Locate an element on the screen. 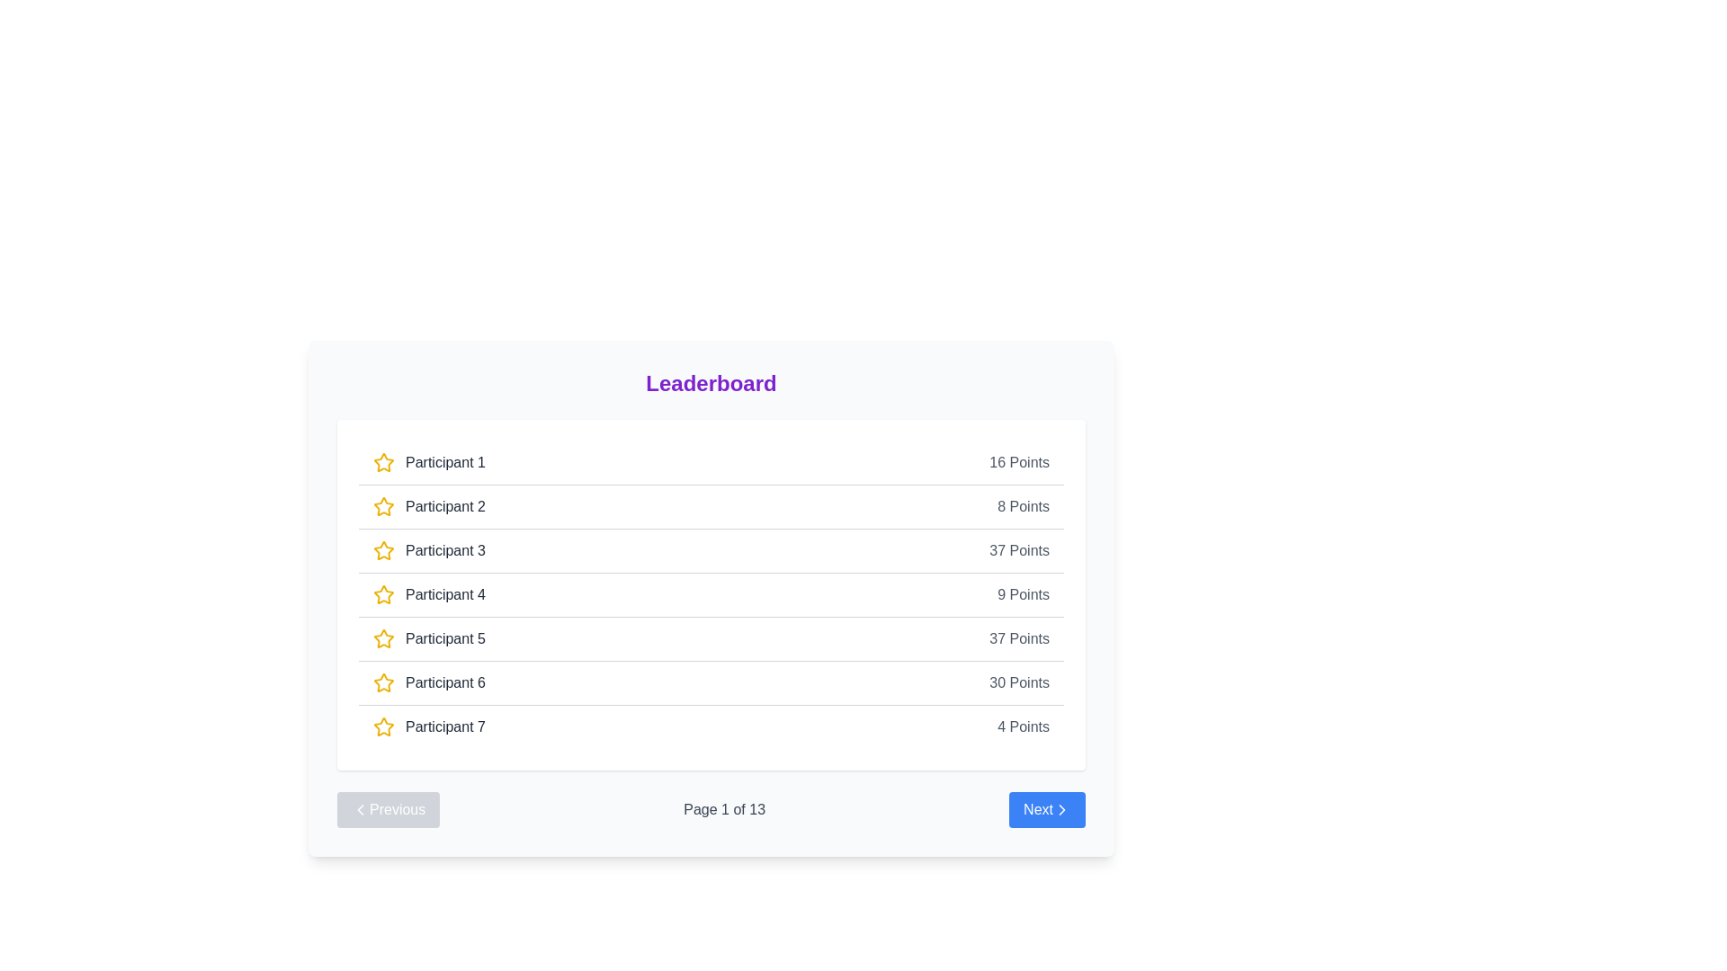  the text label identifying 'Participant 4' in the leaderboard, located to the right of the yellow star icon is located at coordinates (445, 595).